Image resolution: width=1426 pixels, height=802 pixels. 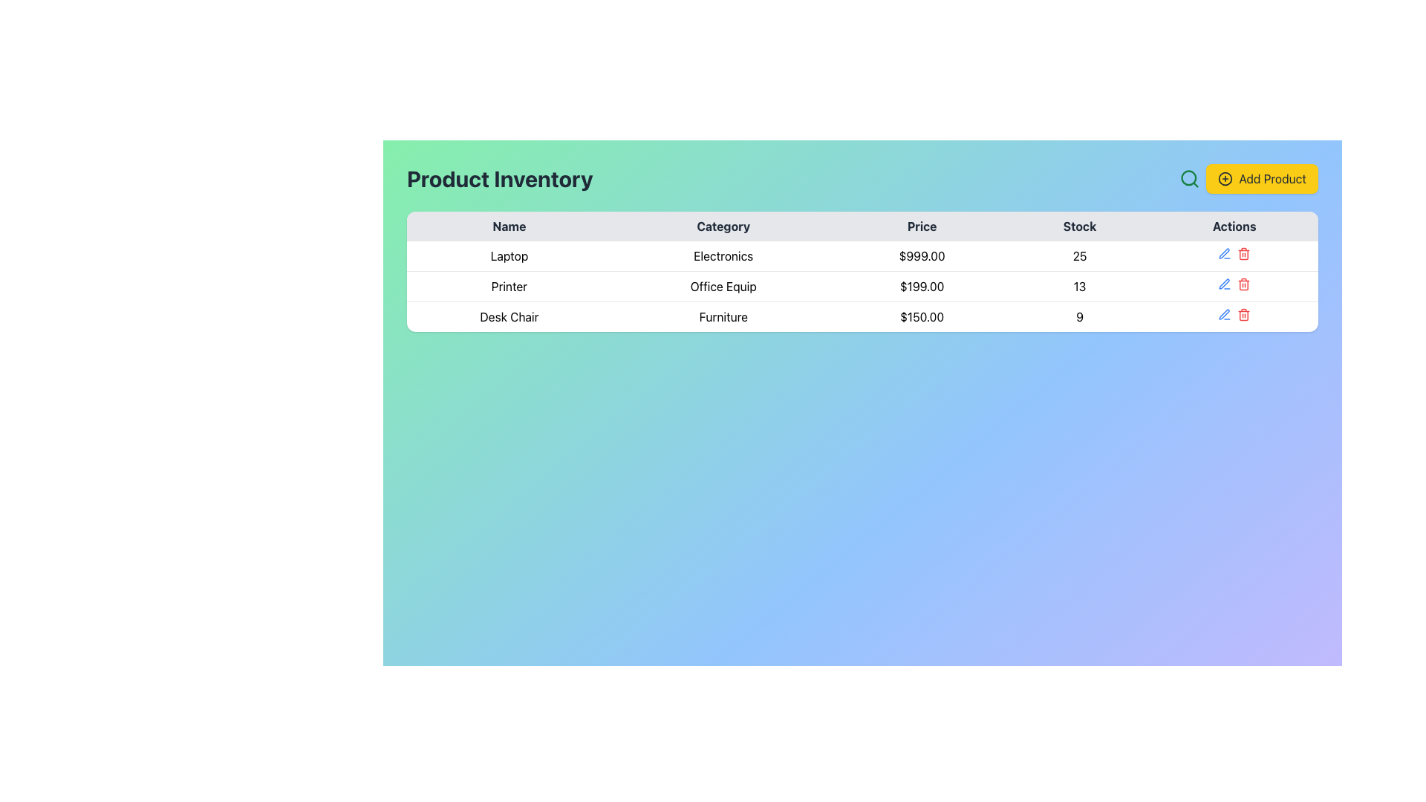 What do you see at coordinates (1190, 177) in the screenshot?
I see `the magnifying glass icon, which symbolizes a search function and is located in the top-right section of the interface, adjacent to the 'Add Product' button` at bounding box center [1190, 177].